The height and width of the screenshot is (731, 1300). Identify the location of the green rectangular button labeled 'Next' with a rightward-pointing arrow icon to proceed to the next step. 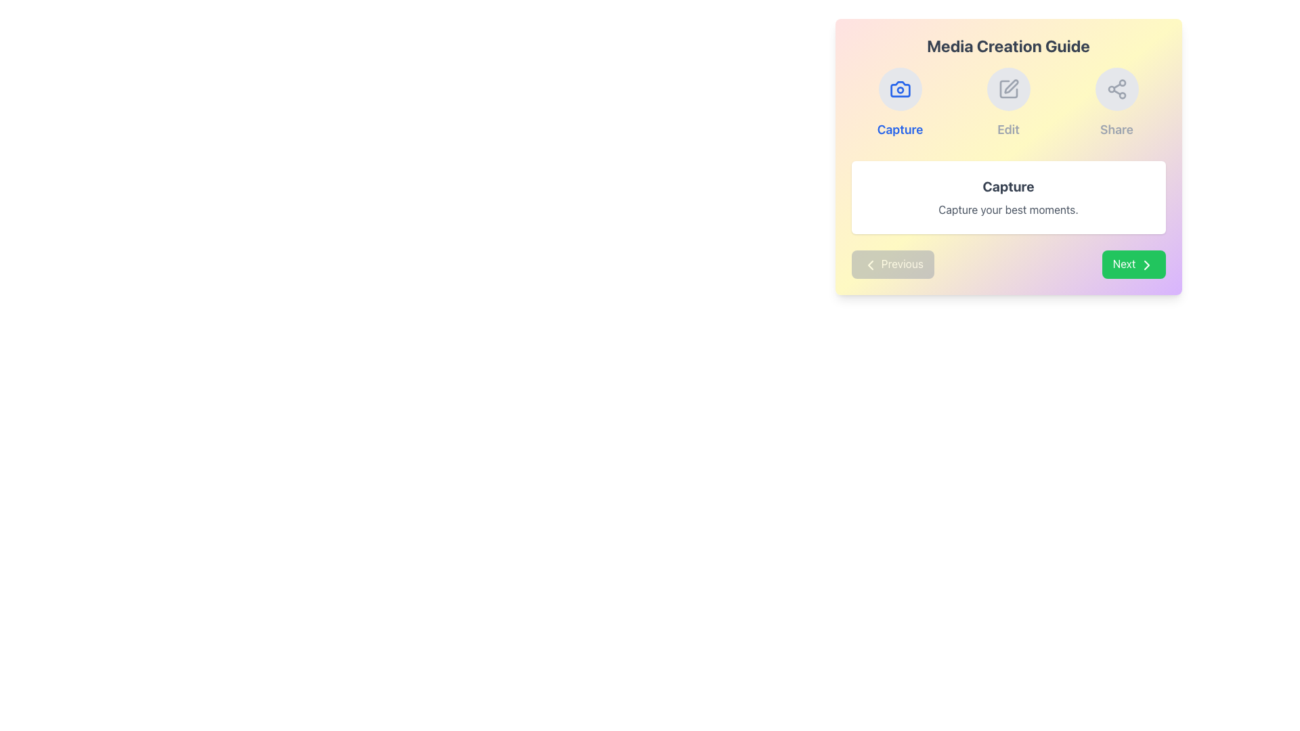
(1133, 264).